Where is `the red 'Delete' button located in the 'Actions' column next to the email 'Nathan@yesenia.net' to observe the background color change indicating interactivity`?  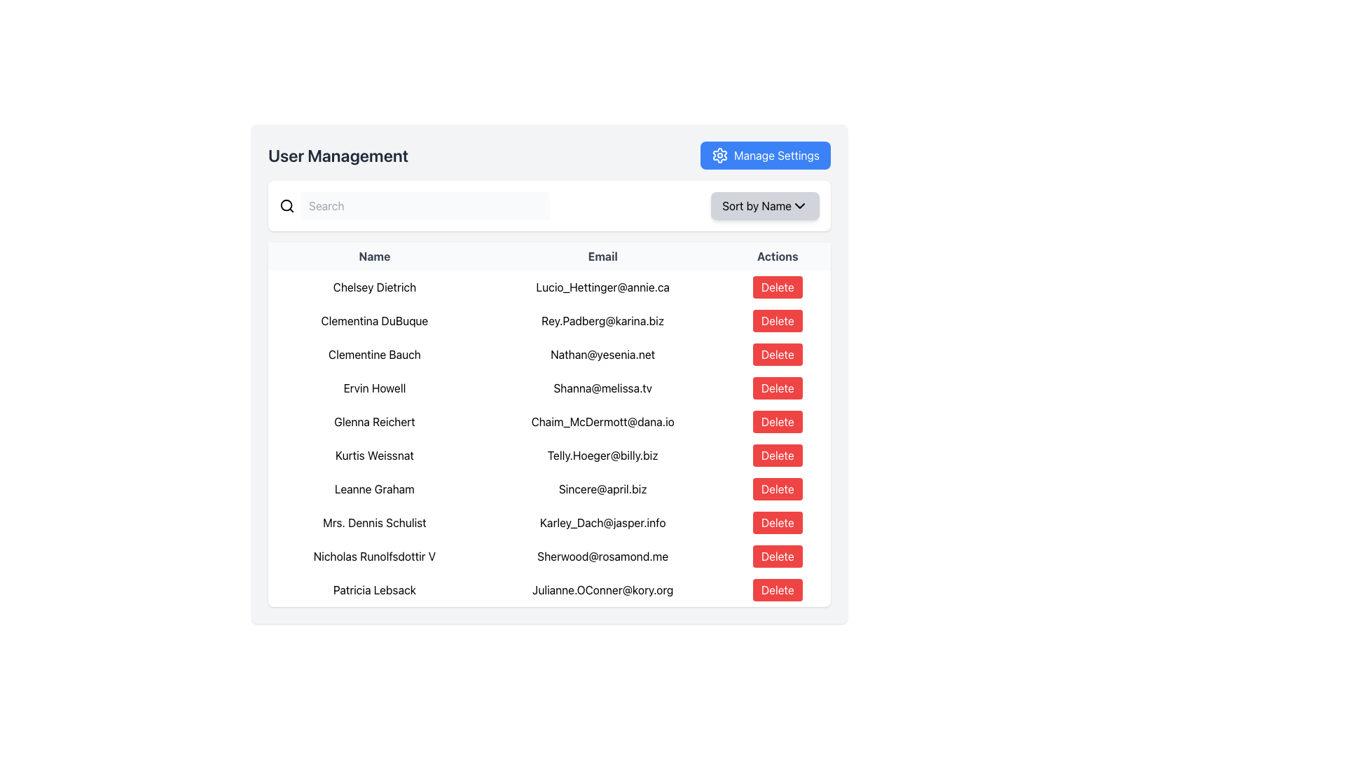
the red 'Delete' button located in the 'Actions' column next to the email 'Nathan@yesenia.net' to observe the background color change indicating interactivity is located at coordinates (777, 353).